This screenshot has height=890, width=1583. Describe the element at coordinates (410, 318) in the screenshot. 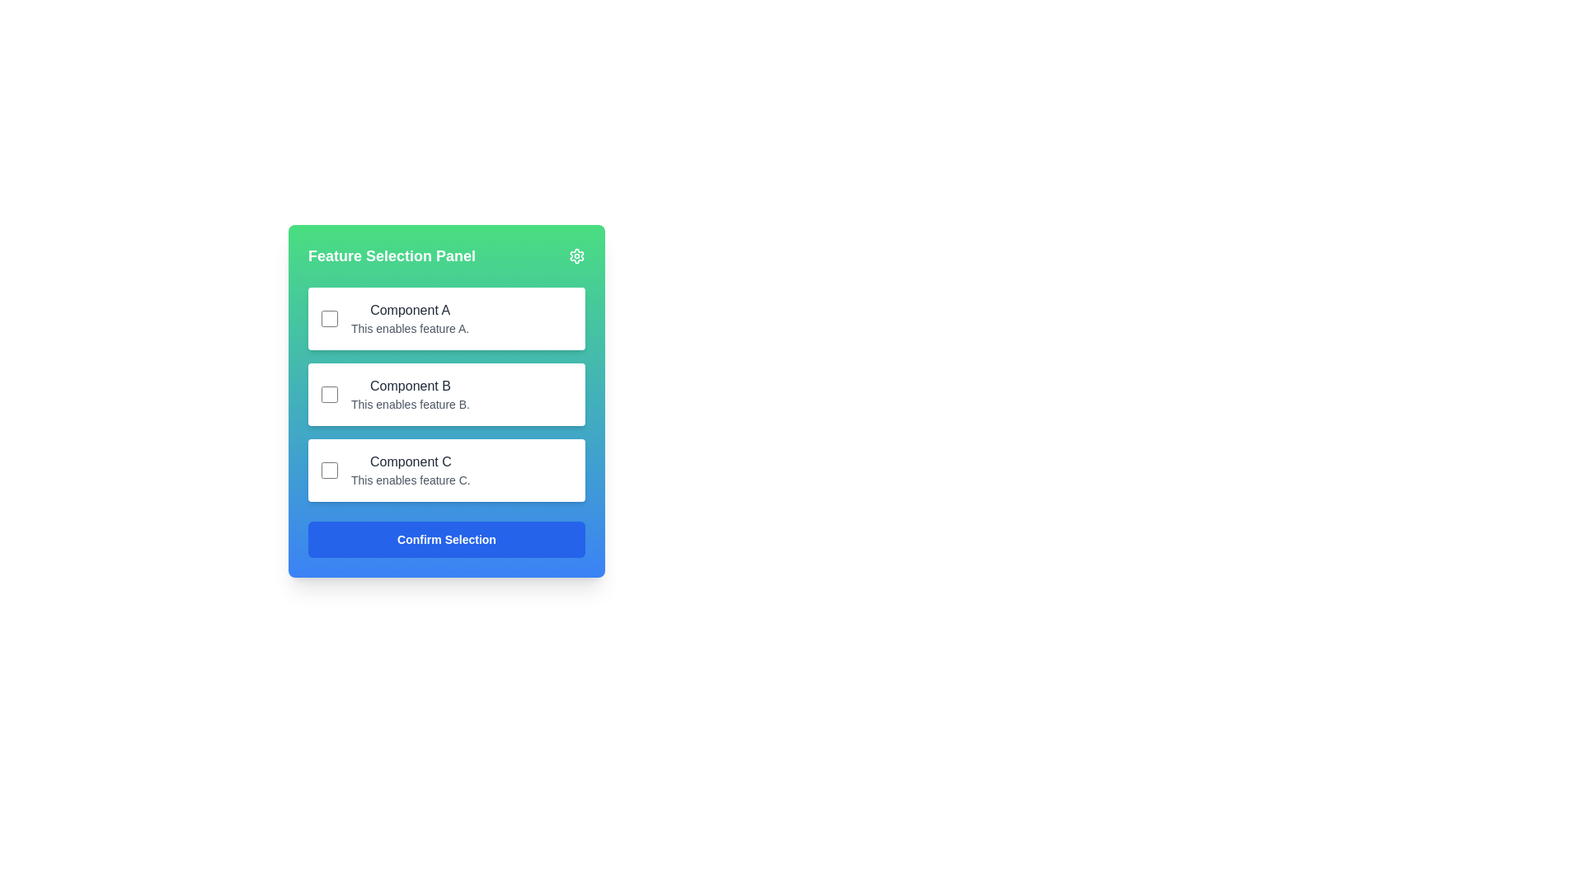

I see `the text label displaying 'Component A' and 'This enables feature A.' in the first feature block of the 'Feature Selection Panel'` at that location.